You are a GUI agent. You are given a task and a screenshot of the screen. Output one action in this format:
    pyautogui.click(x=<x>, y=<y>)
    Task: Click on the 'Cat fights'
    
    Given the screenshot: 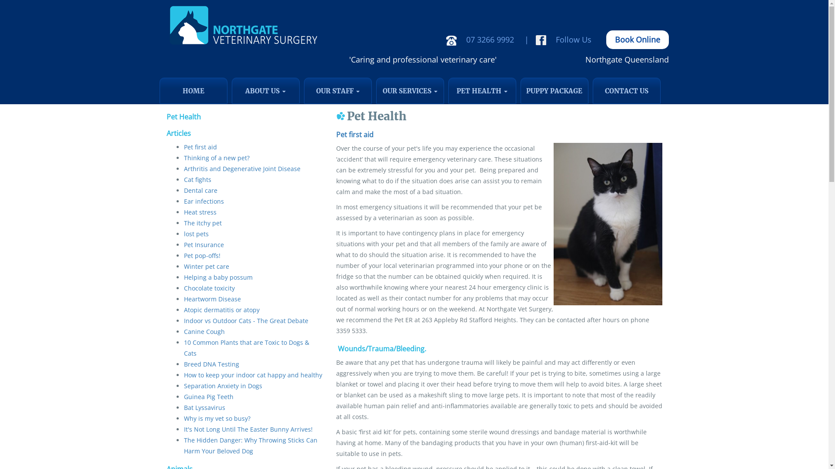 What is the action you would take?
    pyautogui.click(x=197, y=179)
    